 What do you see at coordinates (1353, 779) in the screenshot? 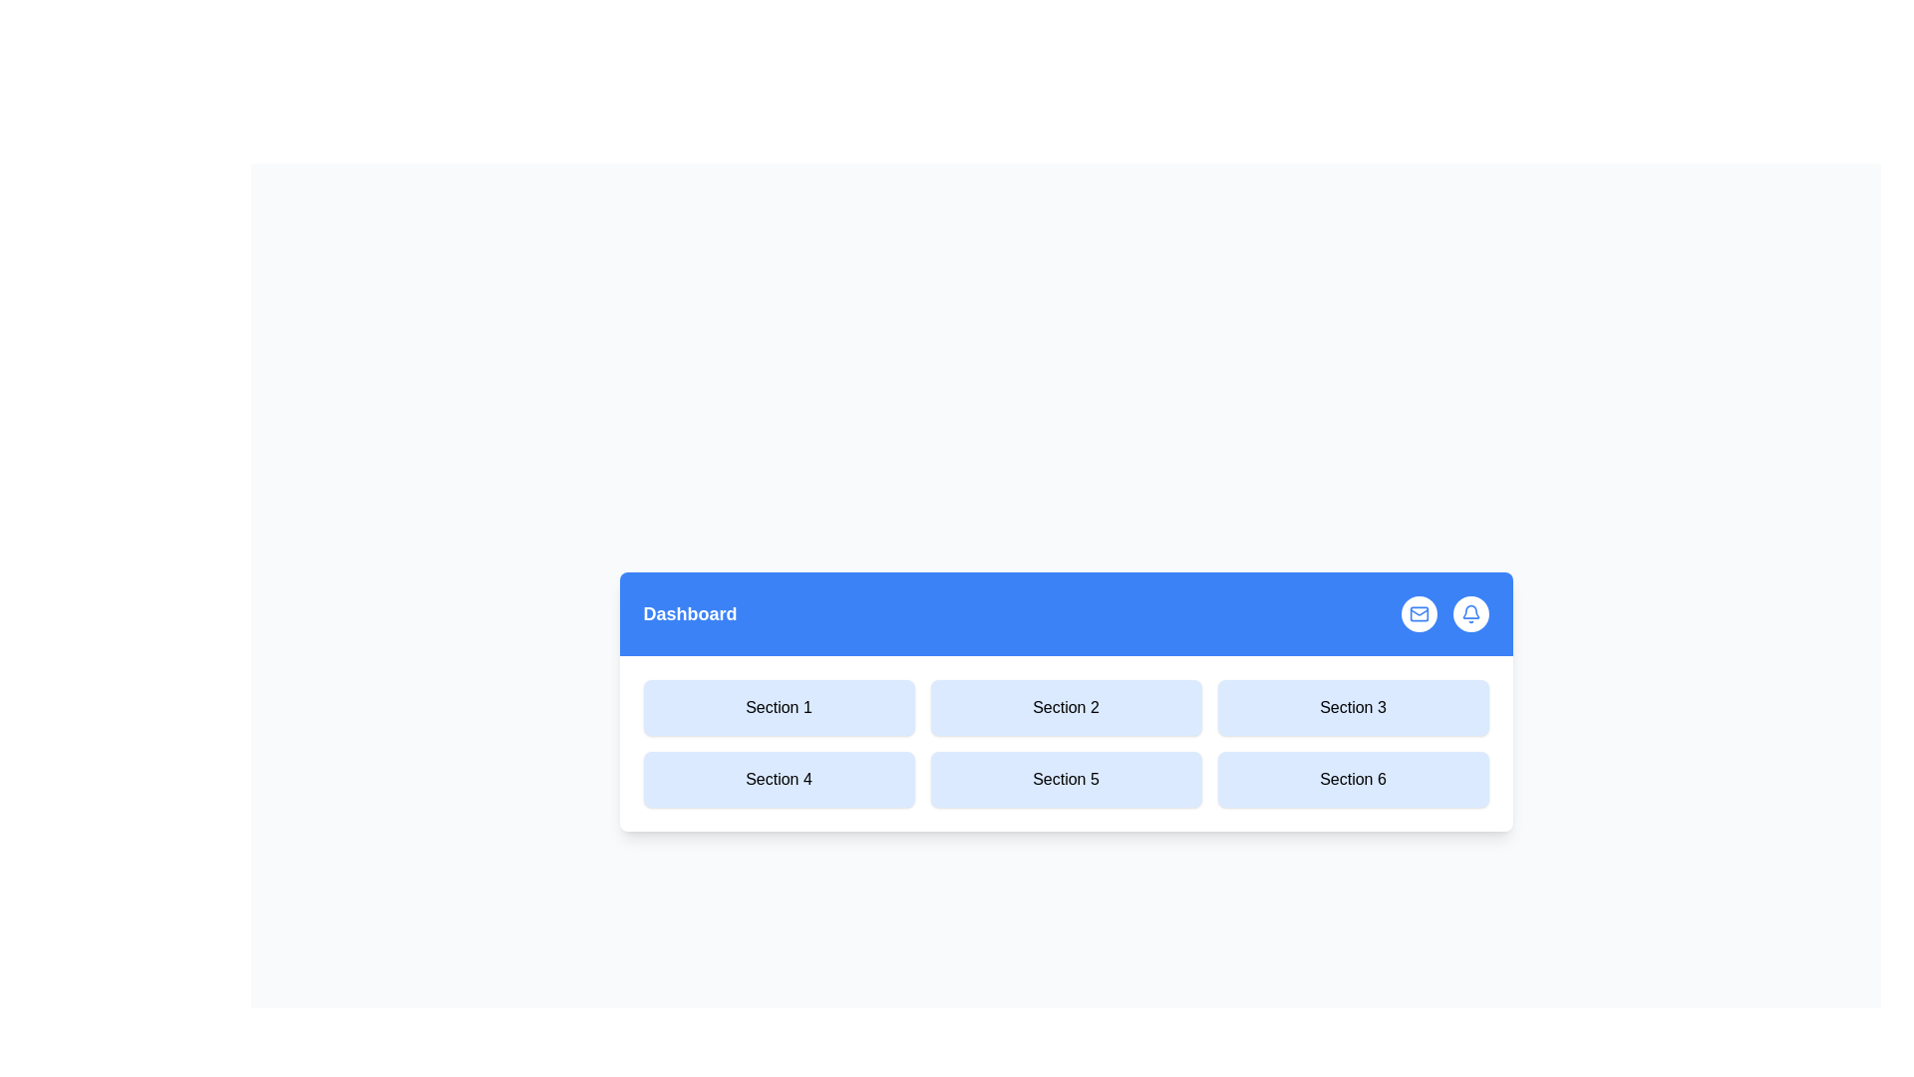
I see `the non-interactive button-like UI component with a light blue background and black text reading 'Section 6', located in the second row and third column of the grid layout` at bounding box center [1353, 779].